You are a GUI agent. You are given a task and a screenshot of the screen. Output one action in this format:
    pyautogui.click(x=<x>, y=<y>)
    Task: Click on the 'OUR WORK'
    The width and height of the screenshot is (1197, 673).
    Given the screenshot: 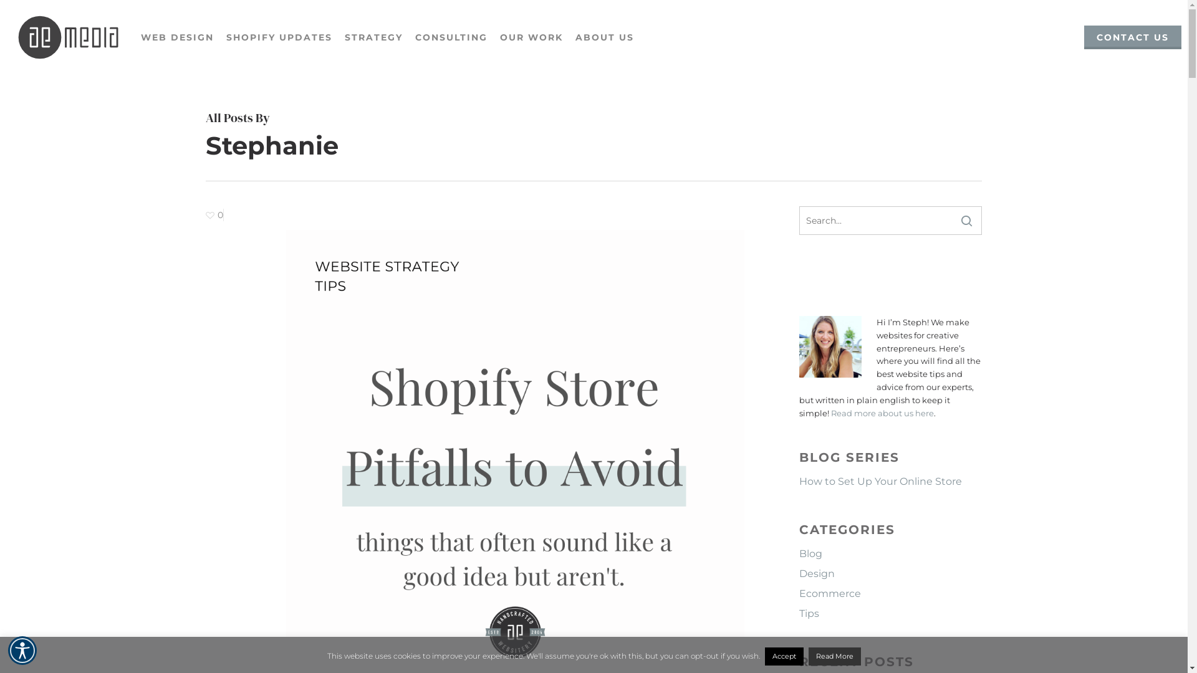 What is the action you would take?
    pyautogui.click(x=531, y=37)
    